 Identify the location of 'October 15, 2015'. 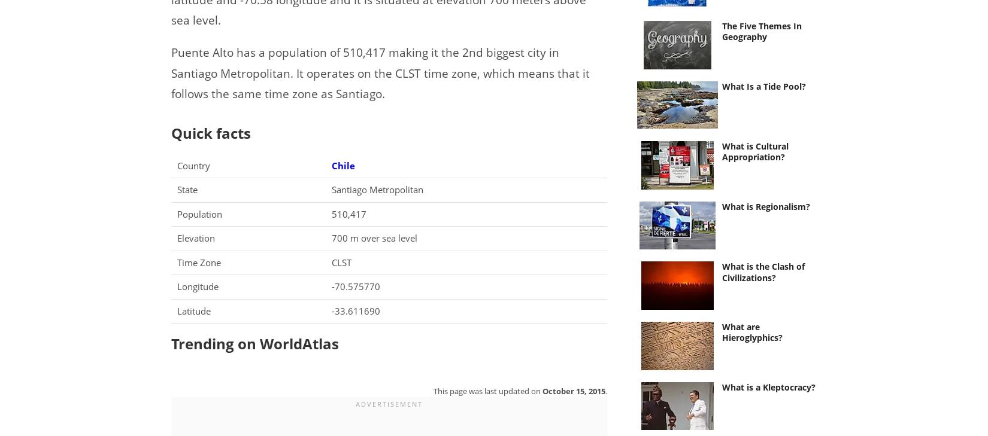
(573, 390).